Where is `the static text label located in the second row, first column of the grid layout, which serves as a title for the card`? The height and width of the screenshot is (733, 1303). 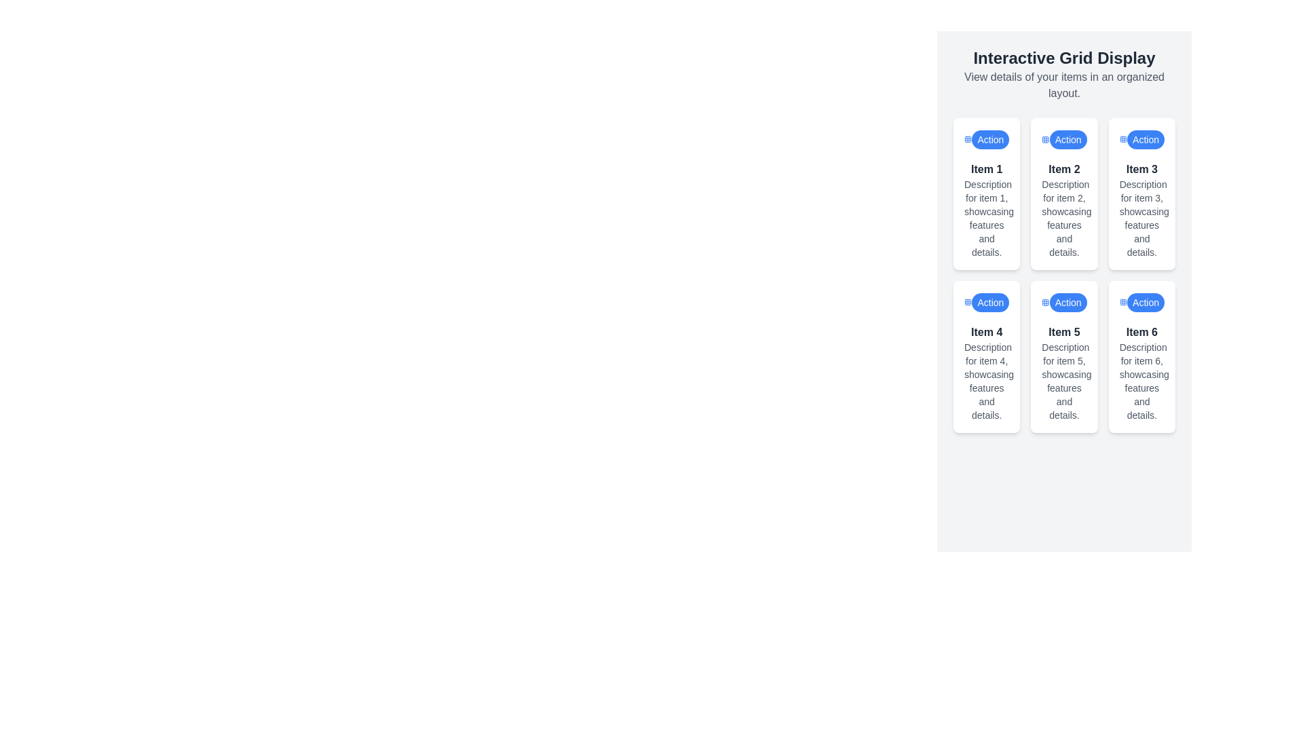
the static text label located in the second row, first column of the grid layout, which serves as a title for the card is located at coordinates (987, 332).